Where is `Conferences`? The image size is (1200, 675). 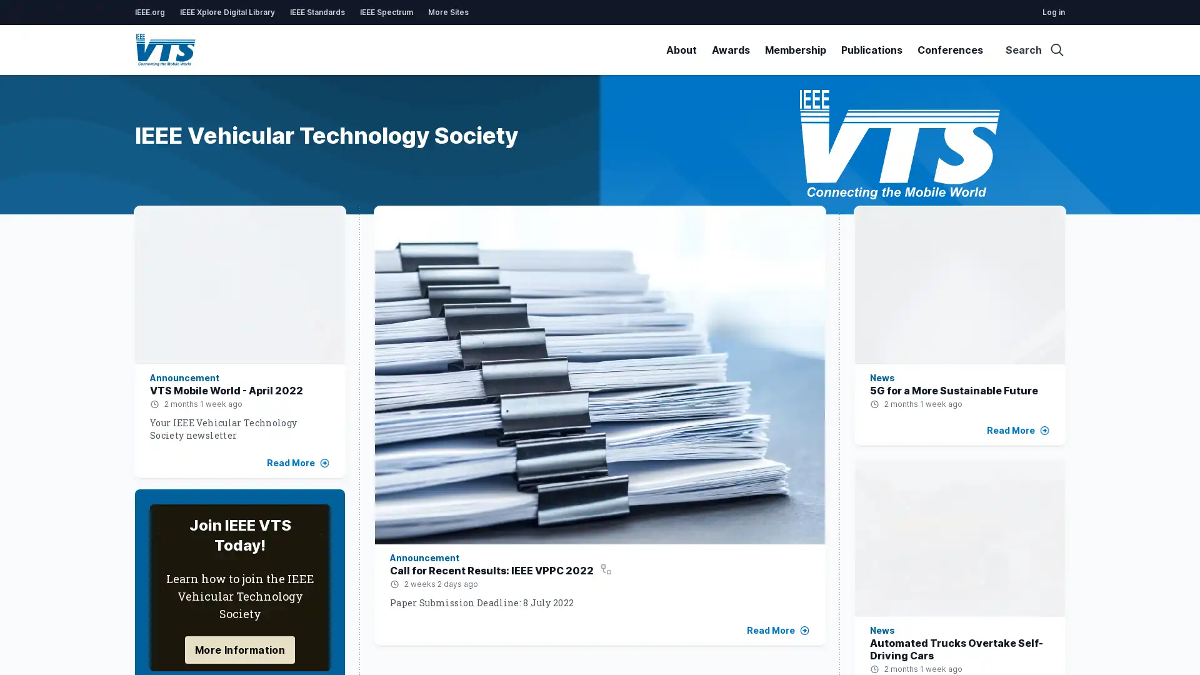
Conferences is located at coordinates (950, 49).